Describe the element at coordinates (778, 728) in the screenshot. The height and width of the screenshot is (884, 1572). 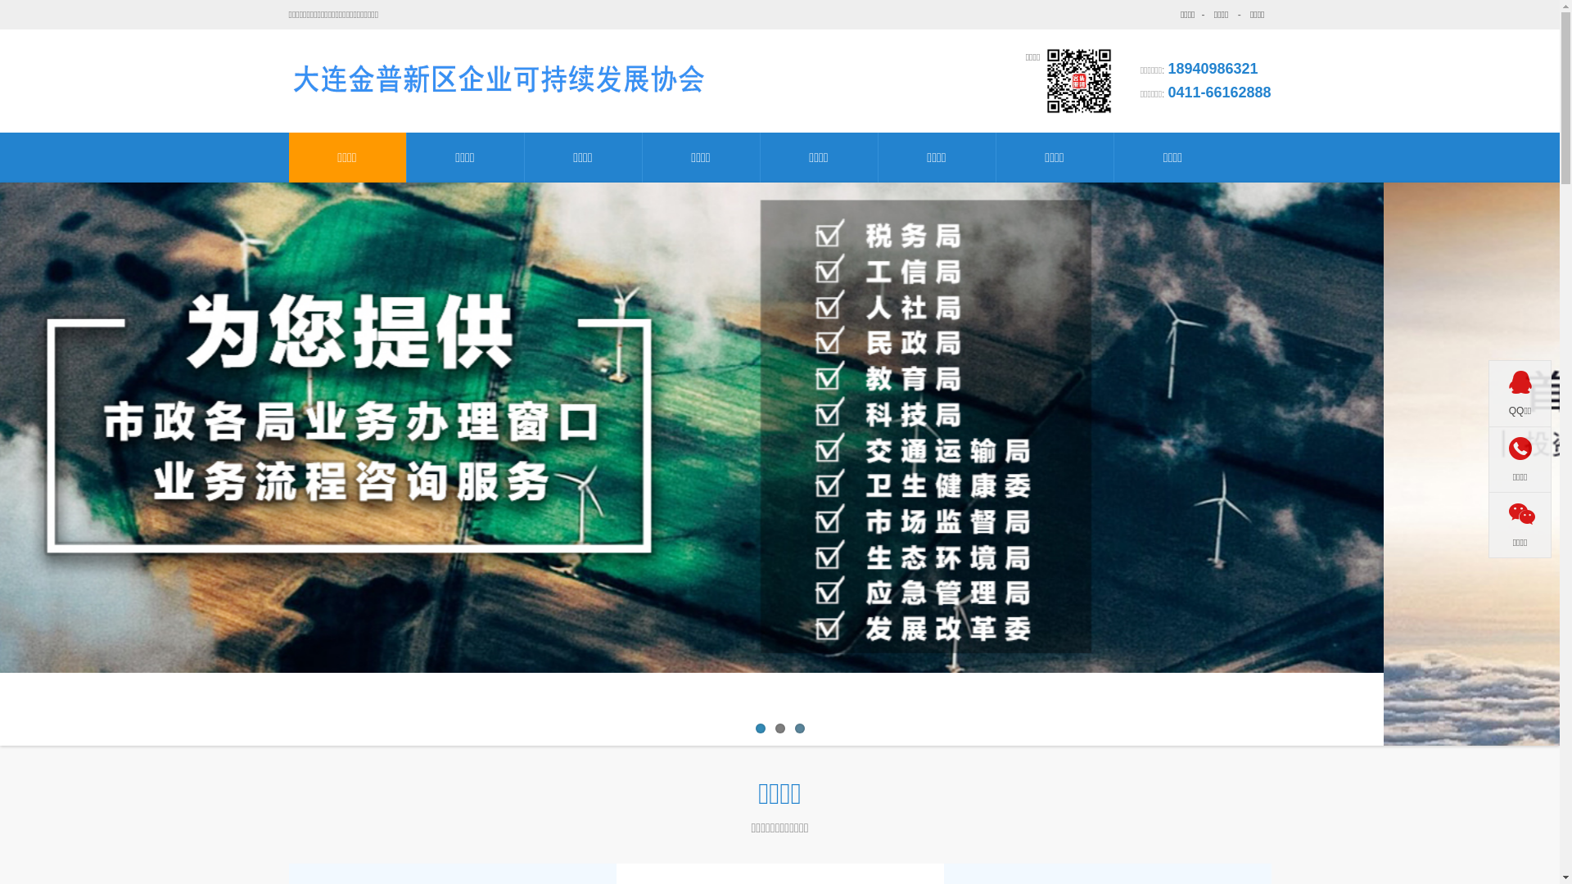
I see `'2'` at that location.